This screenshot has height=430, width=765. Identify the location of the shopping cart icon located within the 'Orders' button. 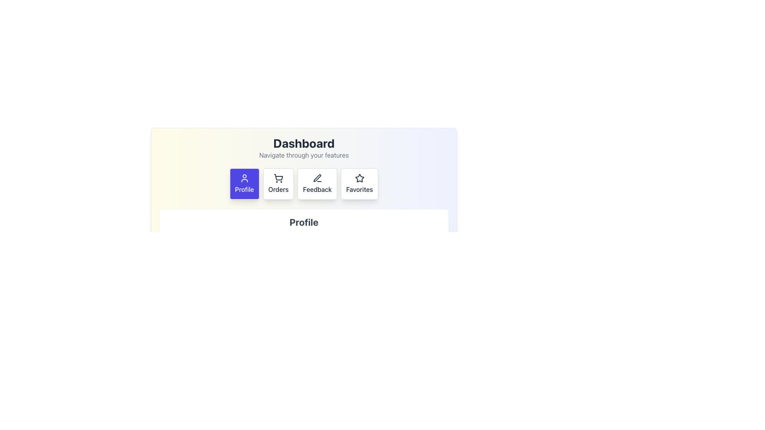
(278, 178).